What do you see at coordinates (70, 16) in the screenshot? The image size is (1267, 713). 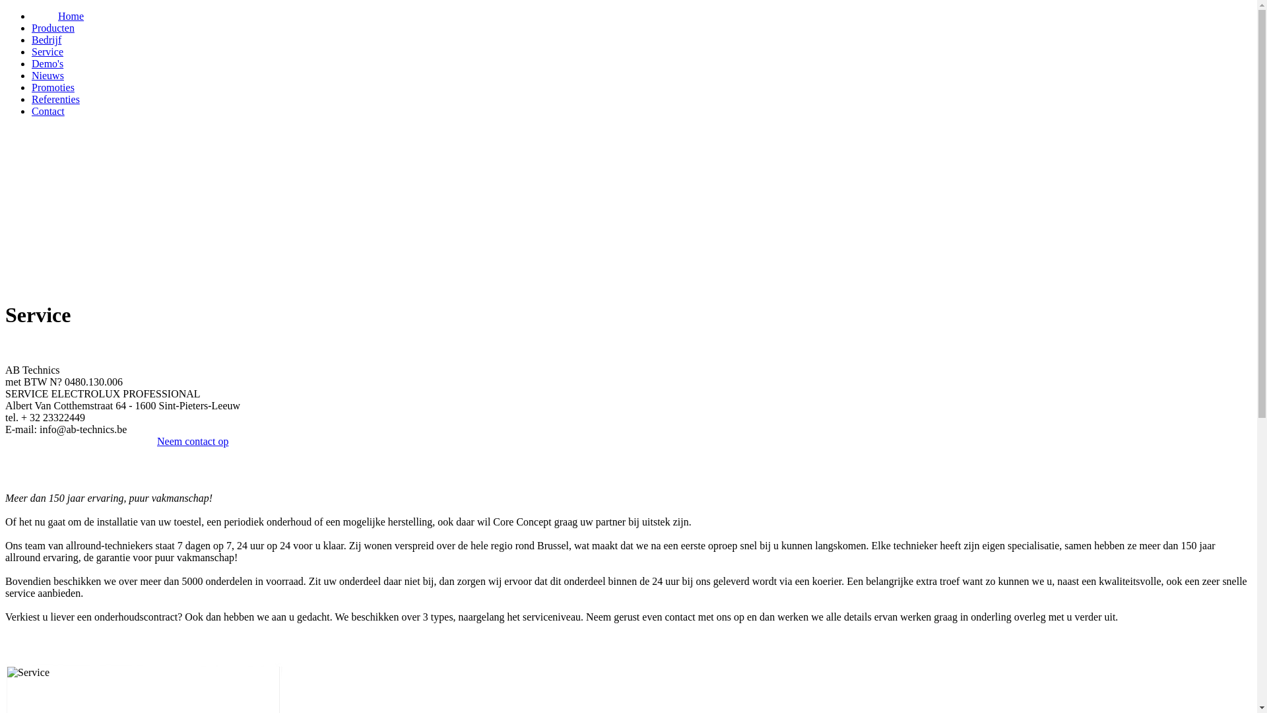 I see `'Home'` at bounding box center [70, 16].